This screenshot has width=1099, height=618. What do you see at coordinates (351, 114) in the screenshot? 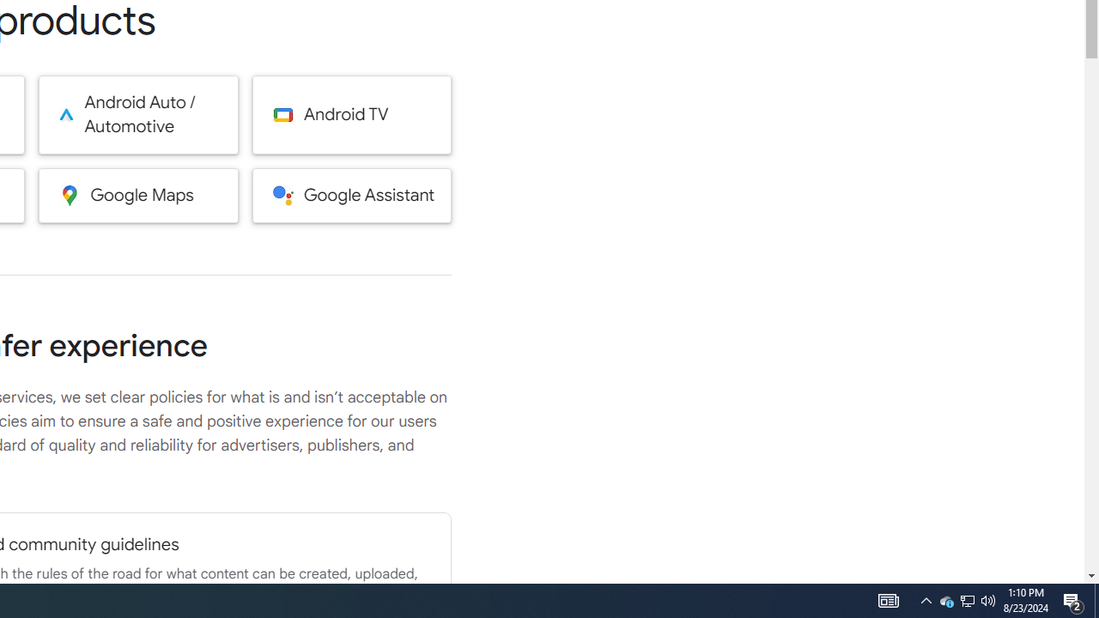
I see `'Android TV'` at bounding box center [351, 114].